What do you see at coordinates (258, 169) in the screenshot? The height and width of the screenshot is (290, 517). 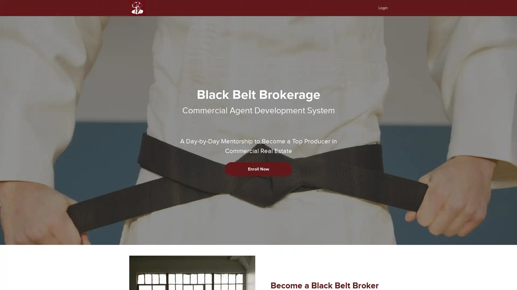 I see `Enroll Now` at bounding box center [258, 169].